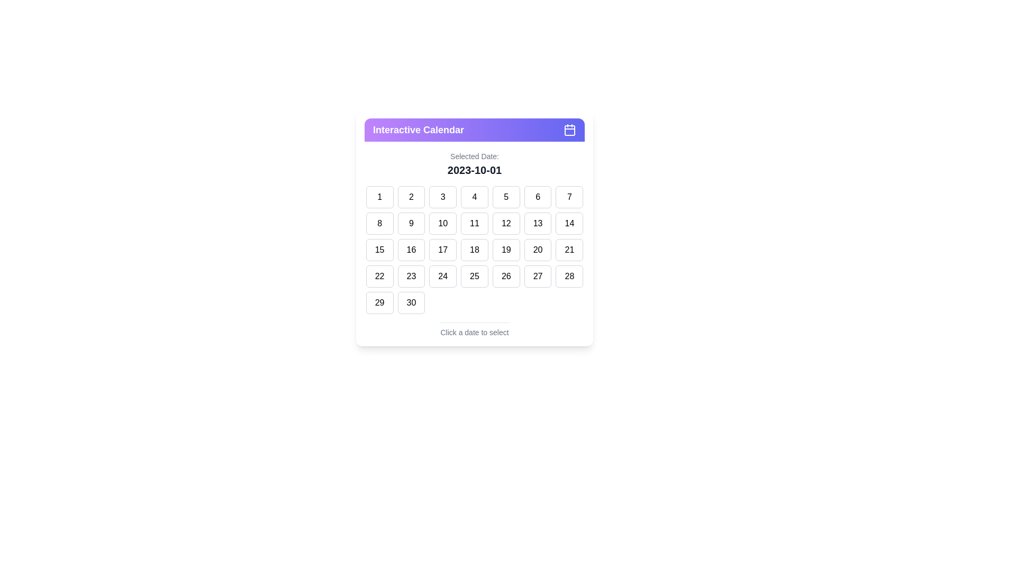  I want to click on the button representing the date '11' in the calendar interface, so click(474, 223).